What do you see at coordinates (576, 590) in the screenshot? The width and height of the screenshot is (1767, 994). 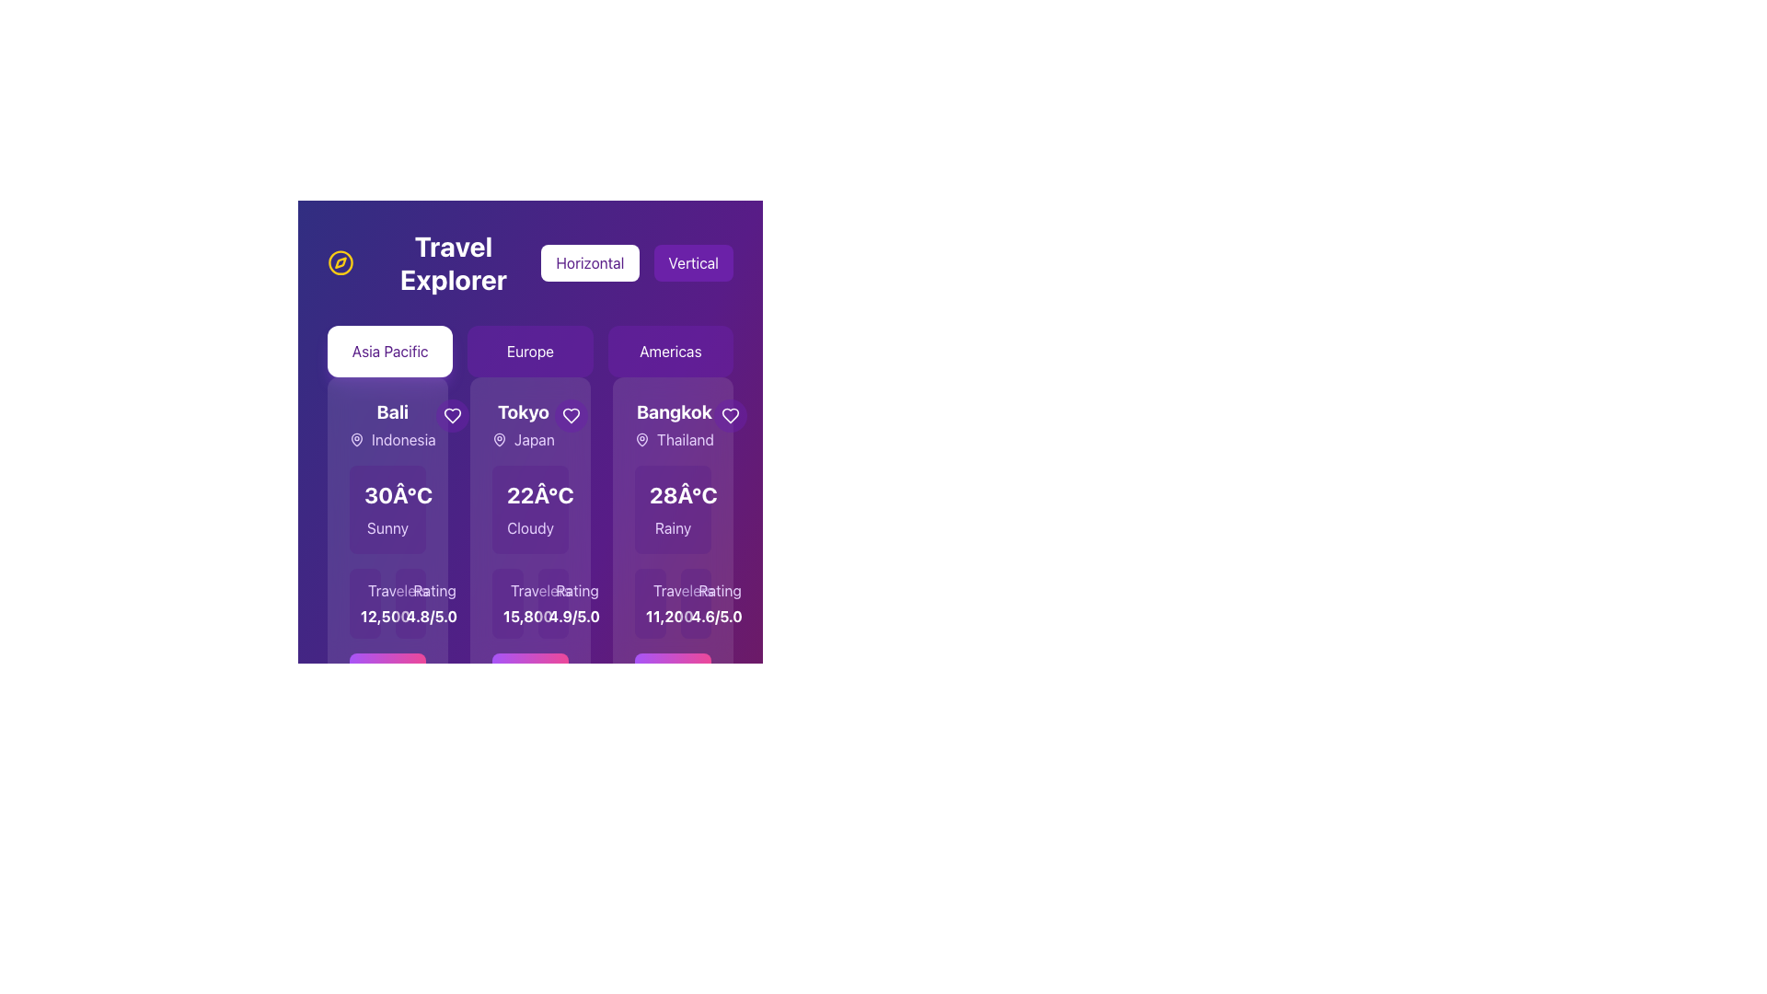 I see `'Rating' text label indicating the rating for the Tokyo item, located in the middle column under the Tokyo section` at bounding box center [576, 590].